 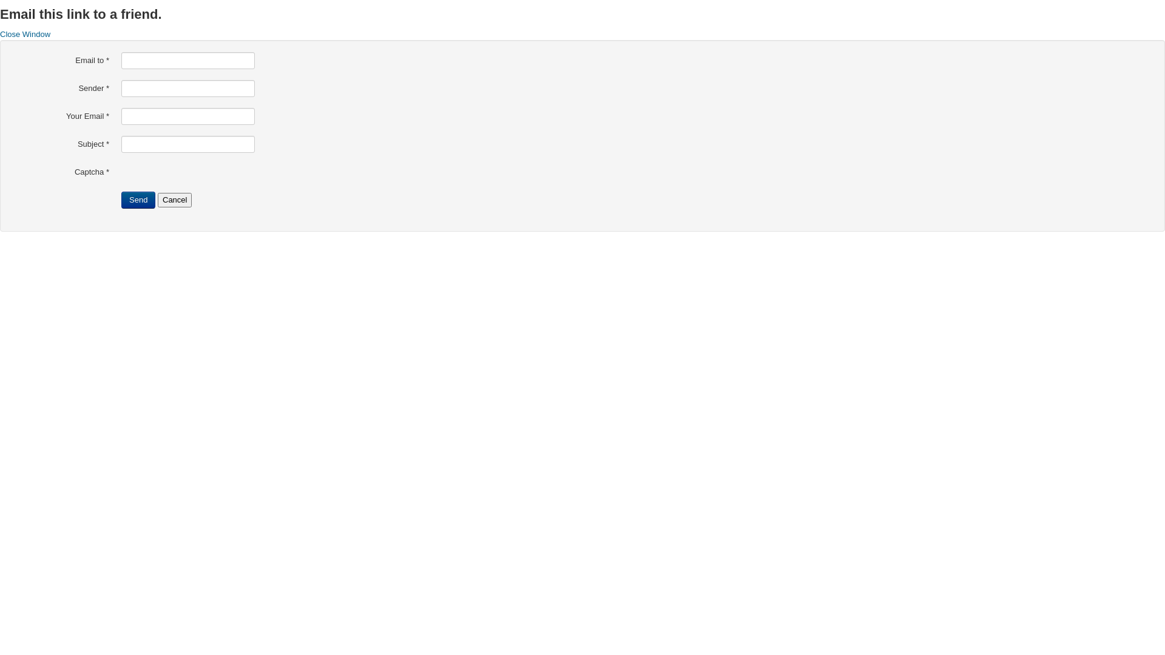 What do you see at coordinates (138, 200) in the screenshot?
I see `'Send'` at bounding box center [138, 200].